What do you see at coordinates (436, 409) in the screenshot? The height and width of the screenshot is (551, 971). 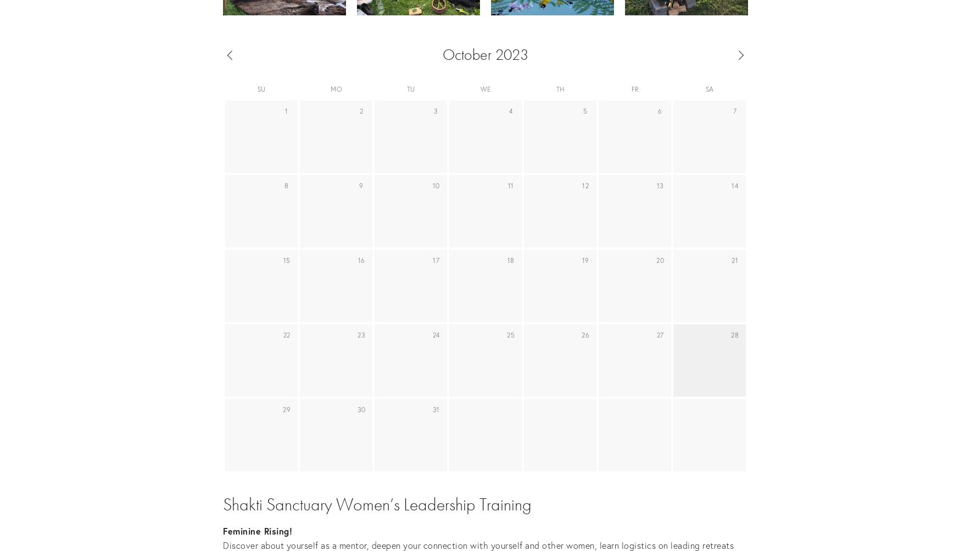 I see `'31'` at bounding box center [436, 409].